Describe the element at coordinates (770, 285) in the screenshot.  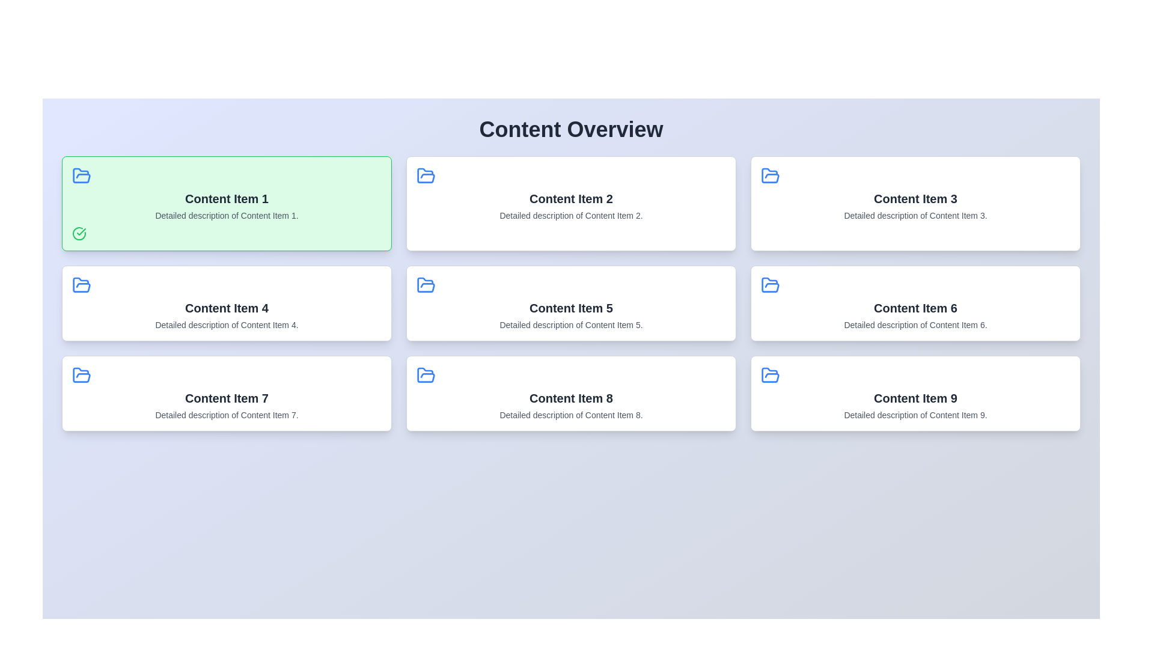
I see `the folder icon located at the top-left corner of the card labeled 'Content Item 6'` at that location.